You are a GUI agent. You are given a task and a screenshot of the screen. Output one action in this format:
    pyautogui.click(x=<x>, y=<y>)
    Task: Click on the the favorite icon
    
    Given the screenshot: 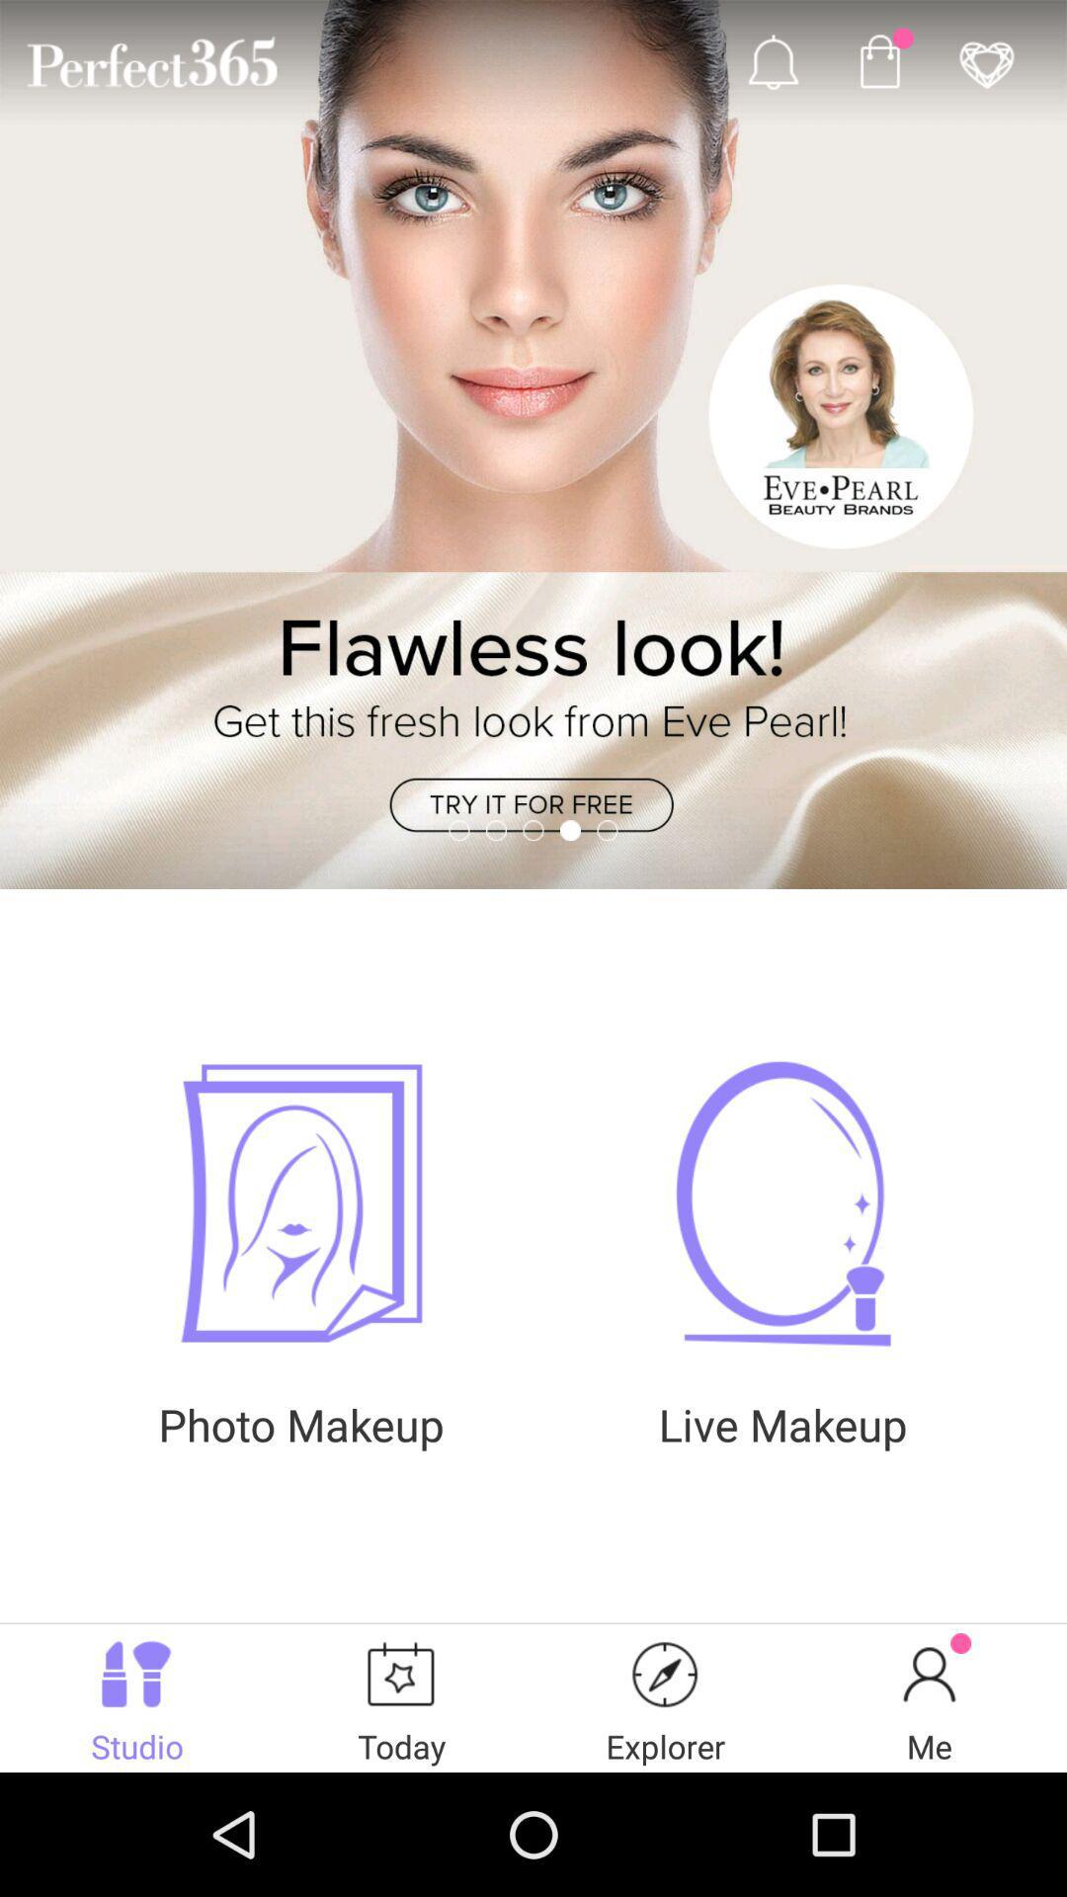 What is the action you would take?
    pyautogui.click(x=986, y=66)
    